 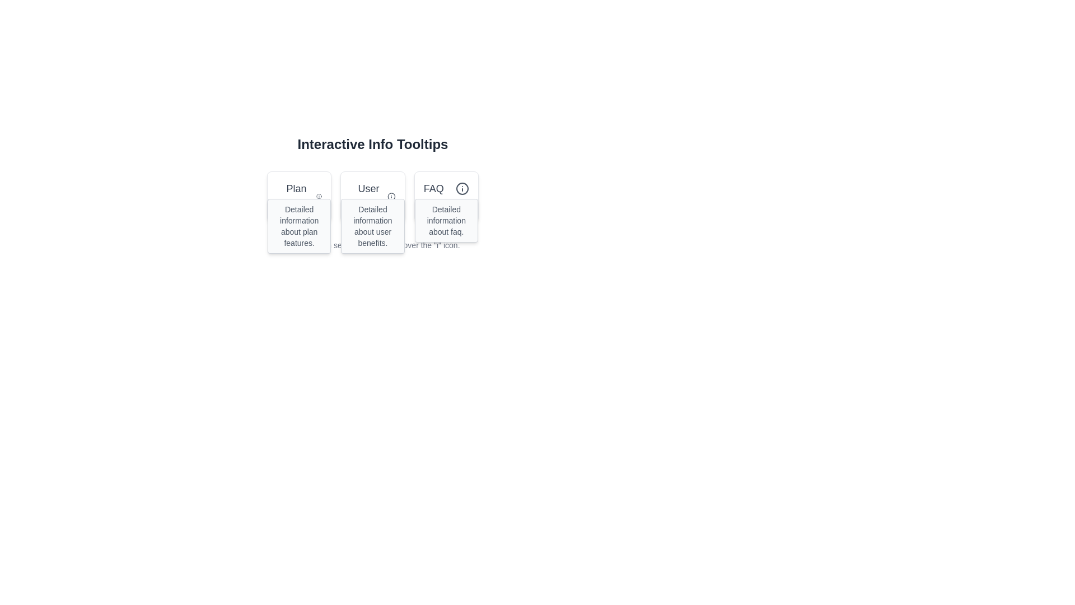 What do you see at coordinates (462, 188) in the screenshot?
I see `the circular SVG element that is part of the 'info' icon in the 'FAQ' button, which is positioned to the right of the 'User' and 'Plan' buttons` at bounding box center [462, 188].